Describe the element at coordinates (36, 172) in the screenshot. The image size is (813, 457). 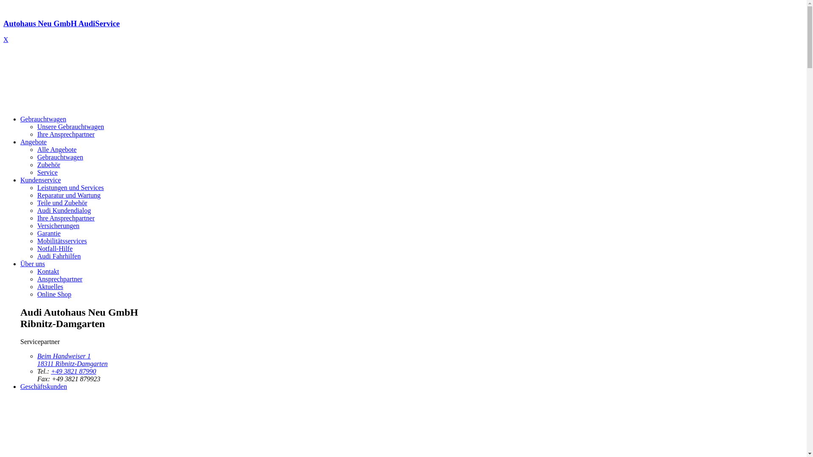
I see `'Service'` at that location.